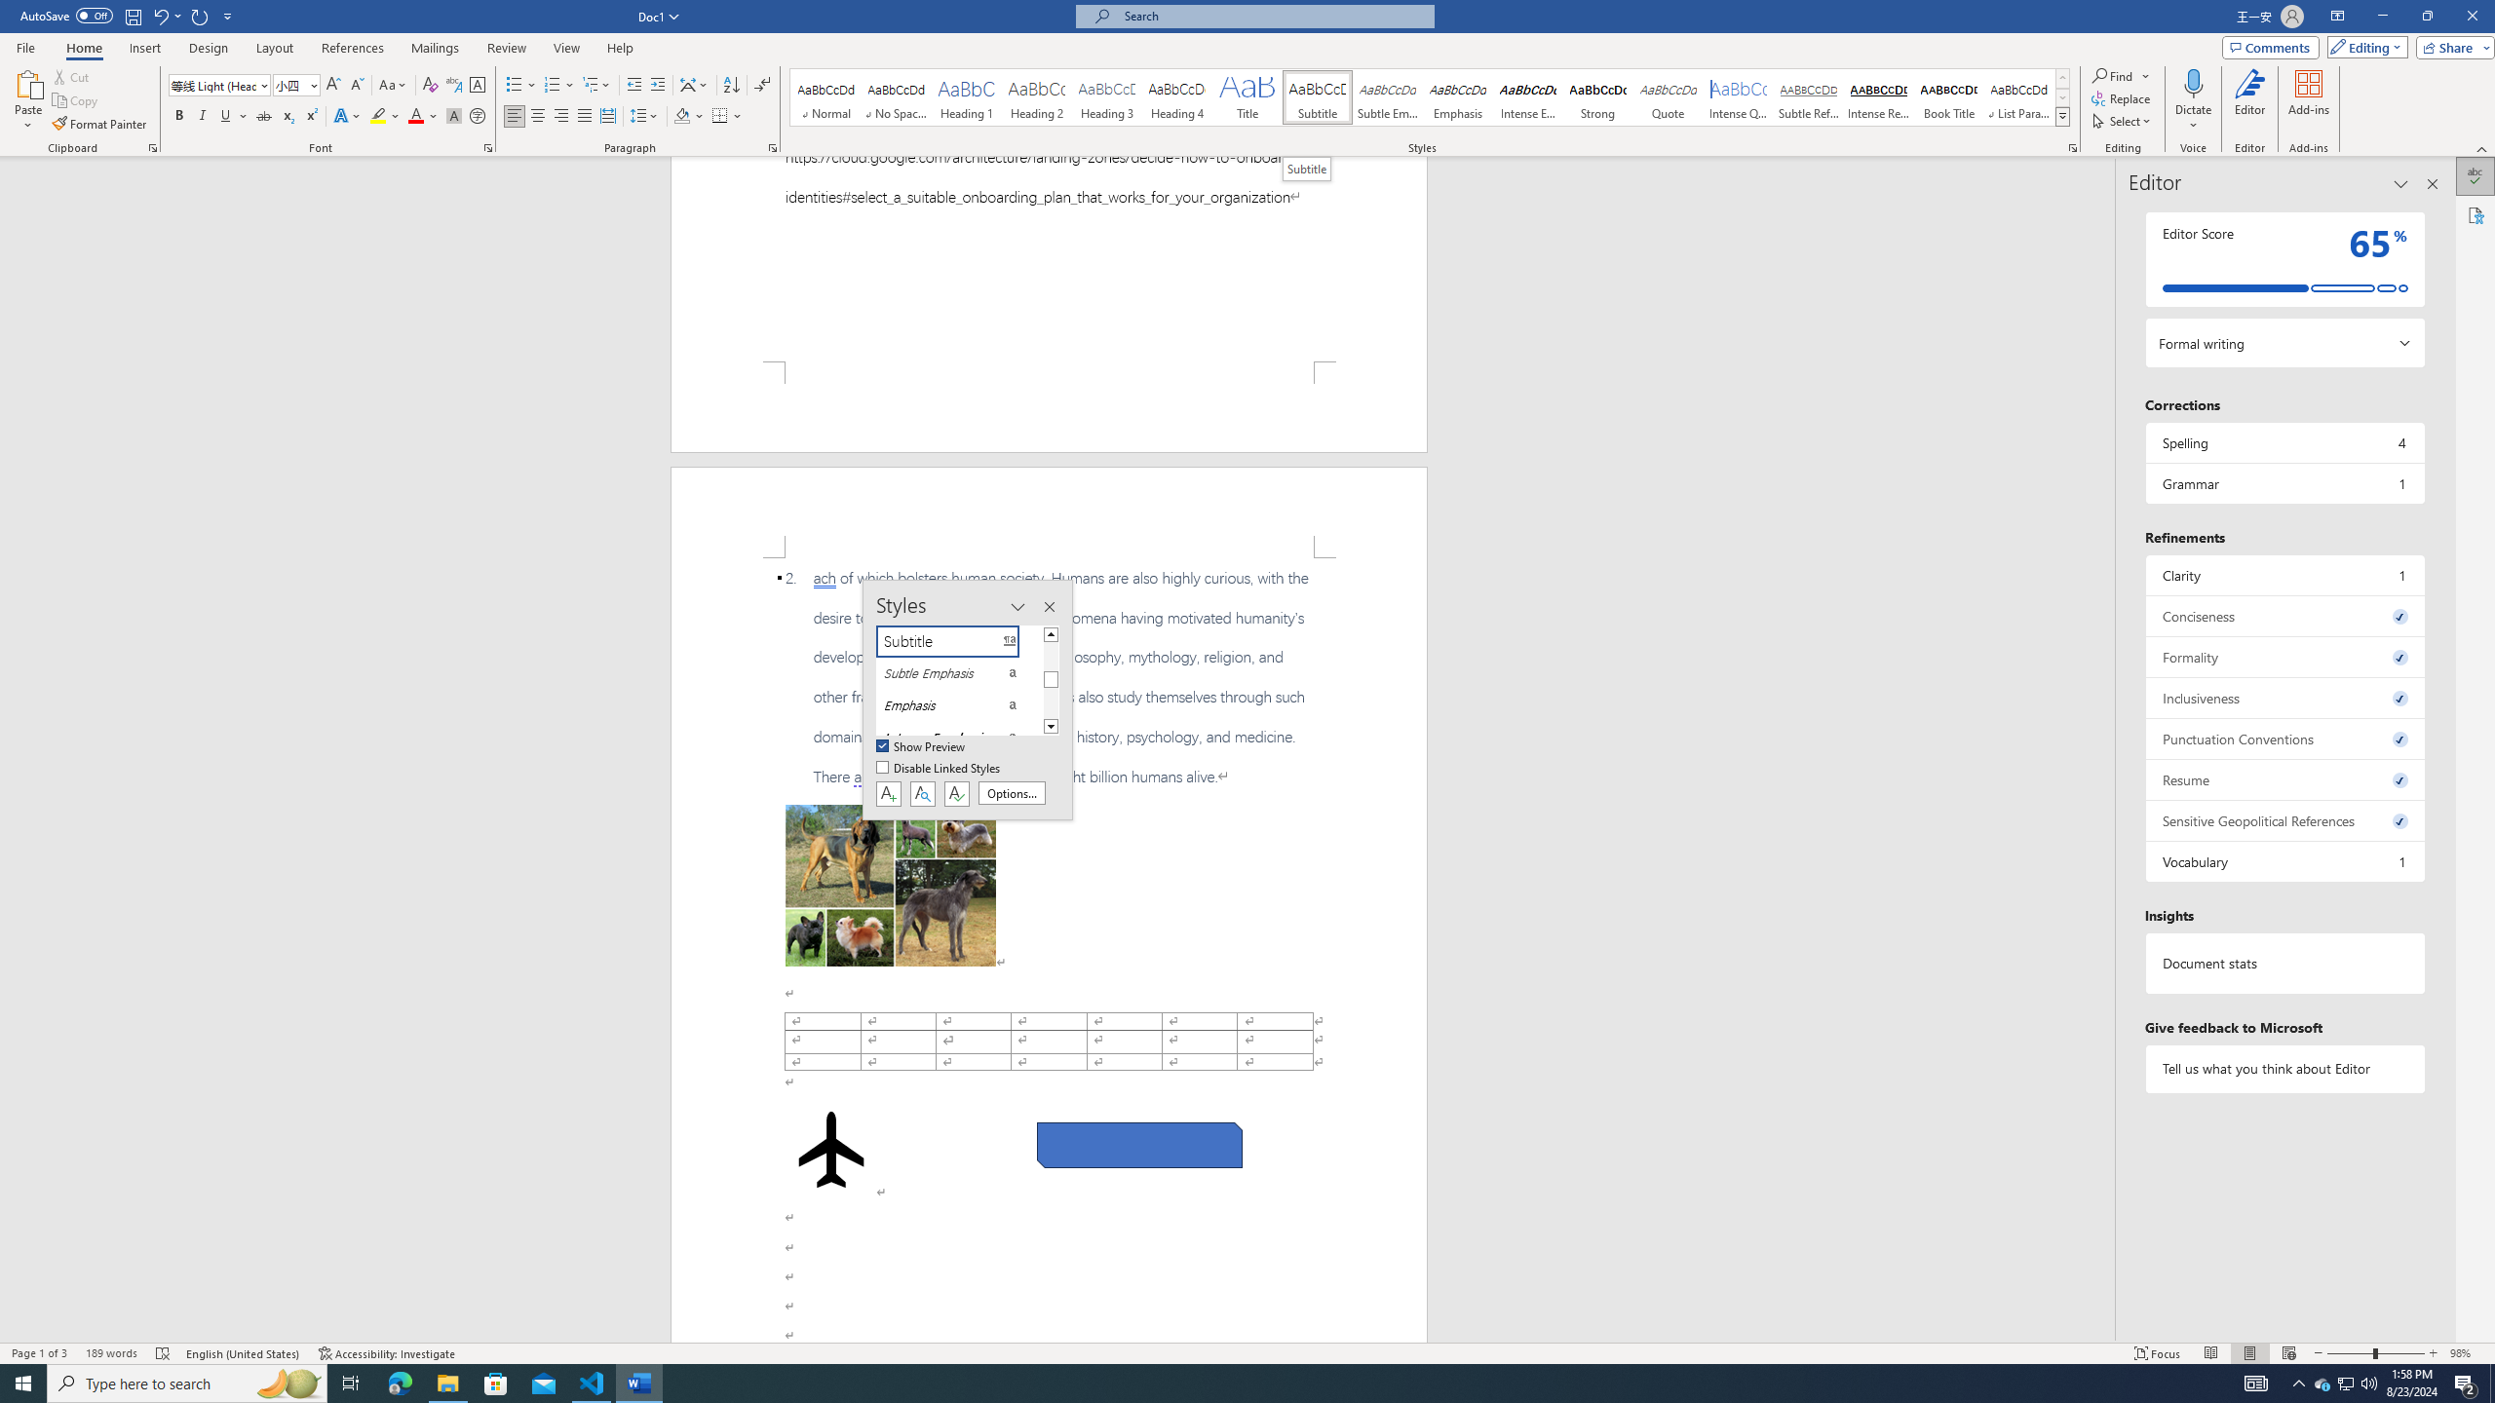 The image size is (2495, 1403). Describe the element at coordinates (83, 48) in the screenshot. I see `'Home'` at that location.